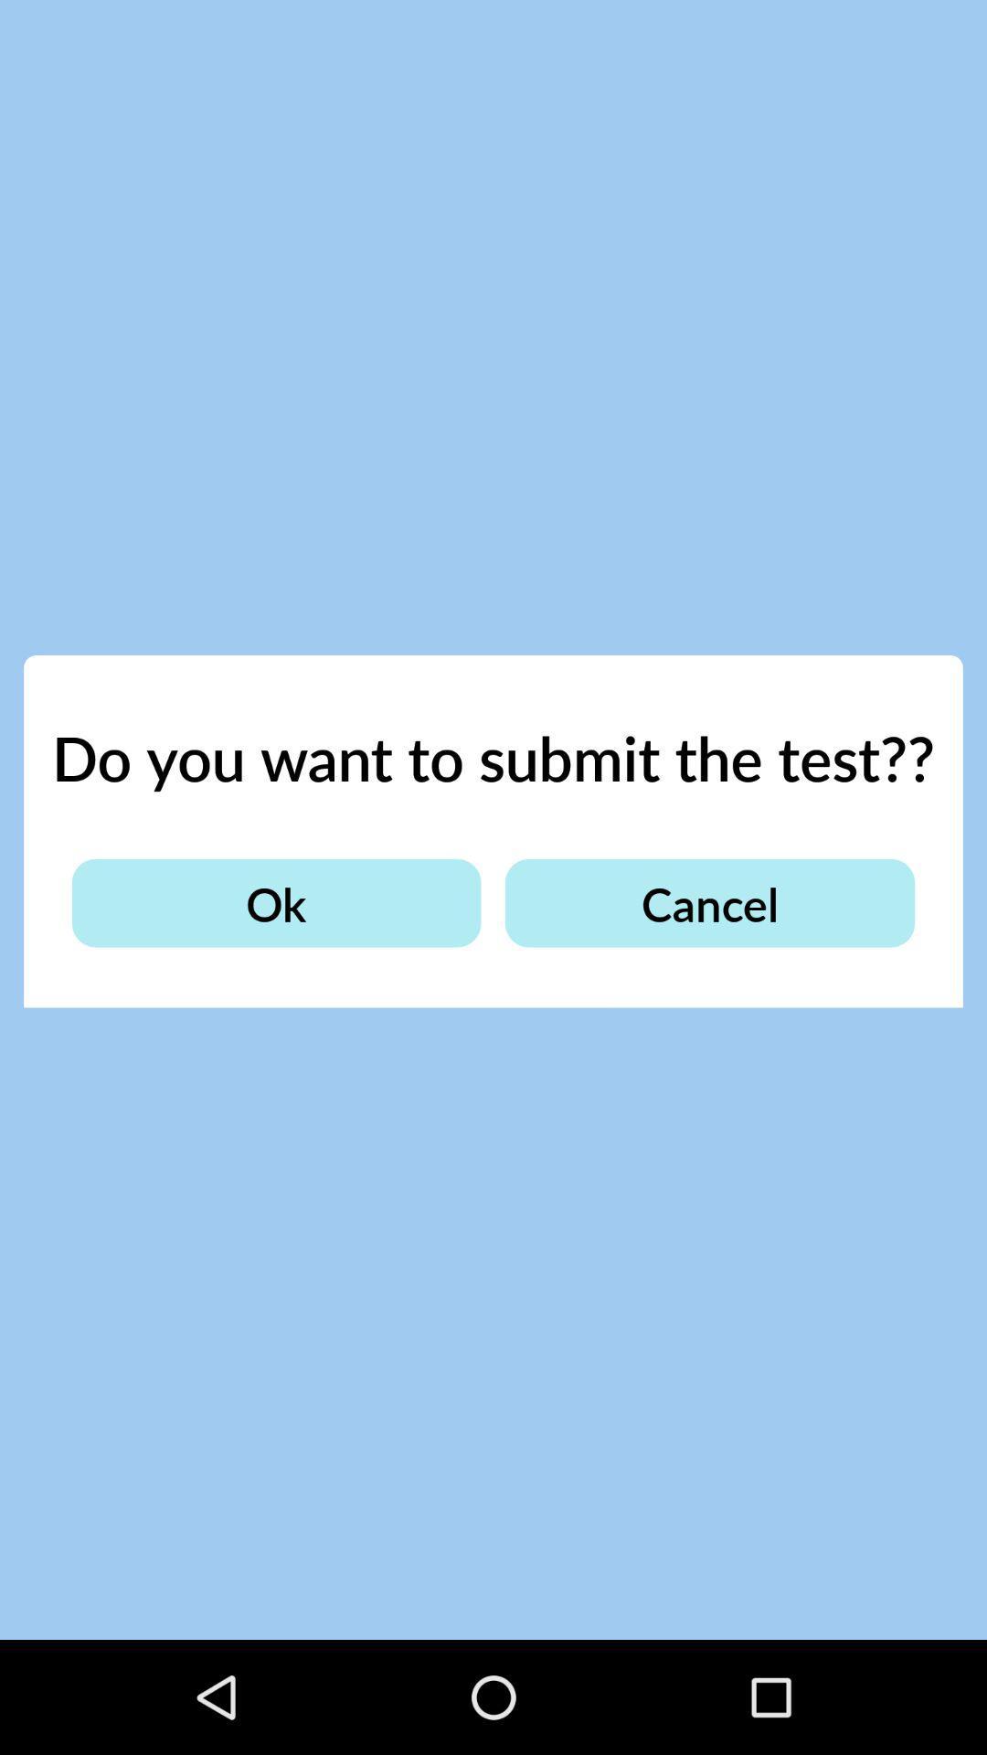 This screenshot has height=1755, width=987. I want to click on the ok on the left, so click(276, 903).